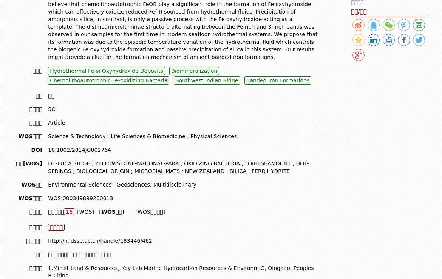 This screenshot has width=442, height=279. I want to click on '16', so click(68, 211).